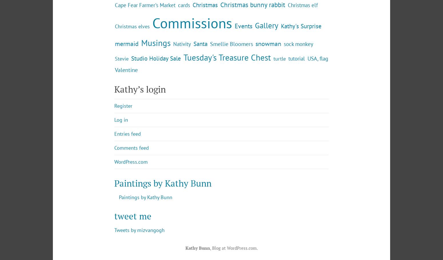 Image resolution: width=443 pixels, height=260 pixels. What do you see at coordinates (281, 73) in the screenshot?
I see `'Kathy's Surprise'` at bounding box center [281, 73].